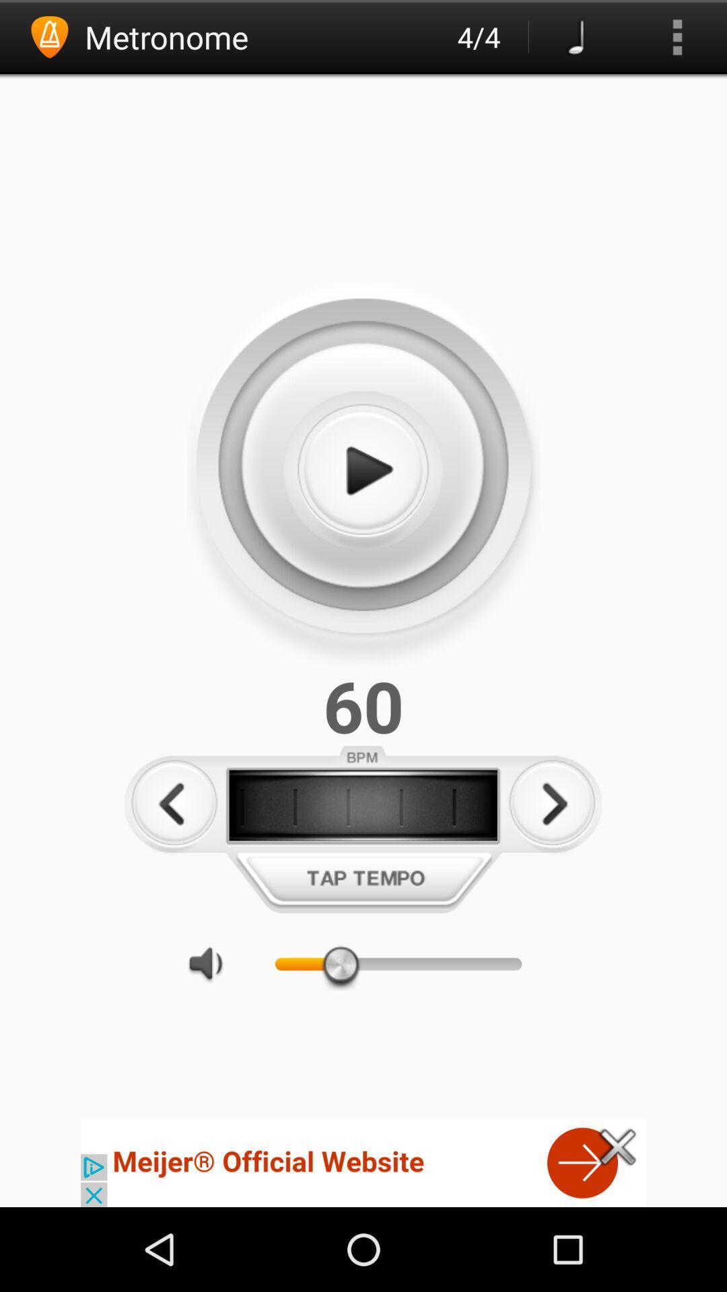 Image resolution: width=727 pixels, height=1292 pixels. Describe the element at coordinates (174, 804) in the screenshot. I see `previous` at that location.